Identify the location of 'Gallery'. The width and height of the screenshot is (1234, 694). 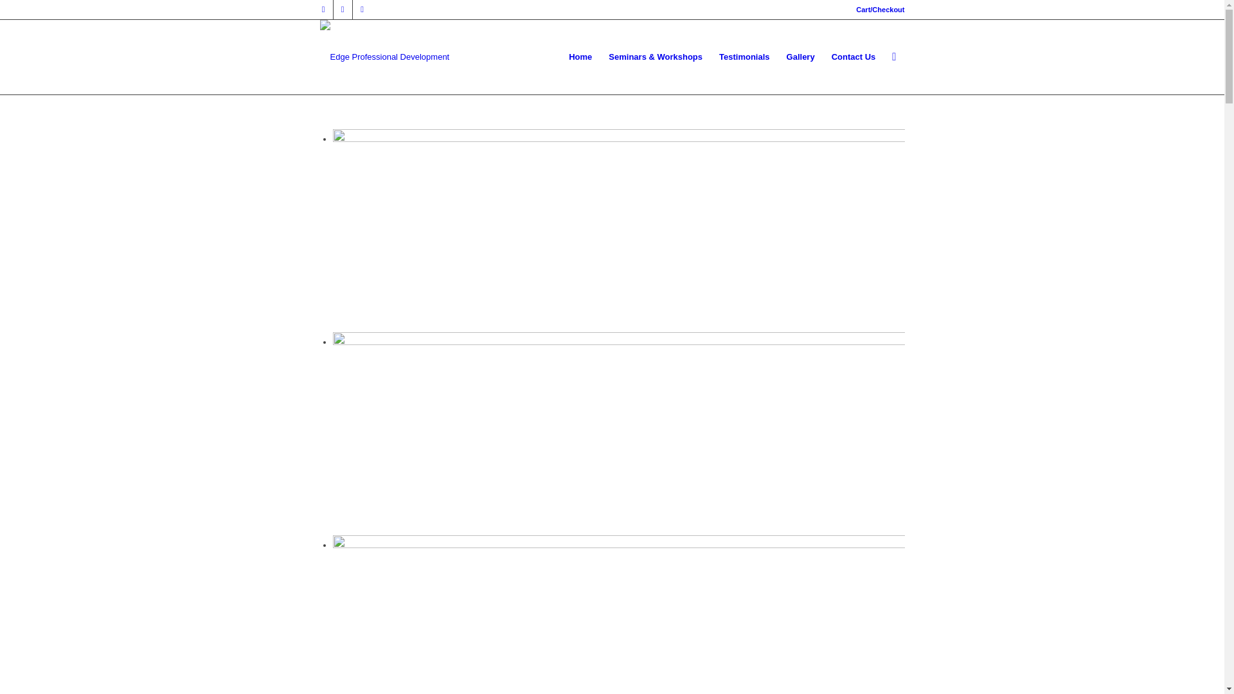
(800, 56).